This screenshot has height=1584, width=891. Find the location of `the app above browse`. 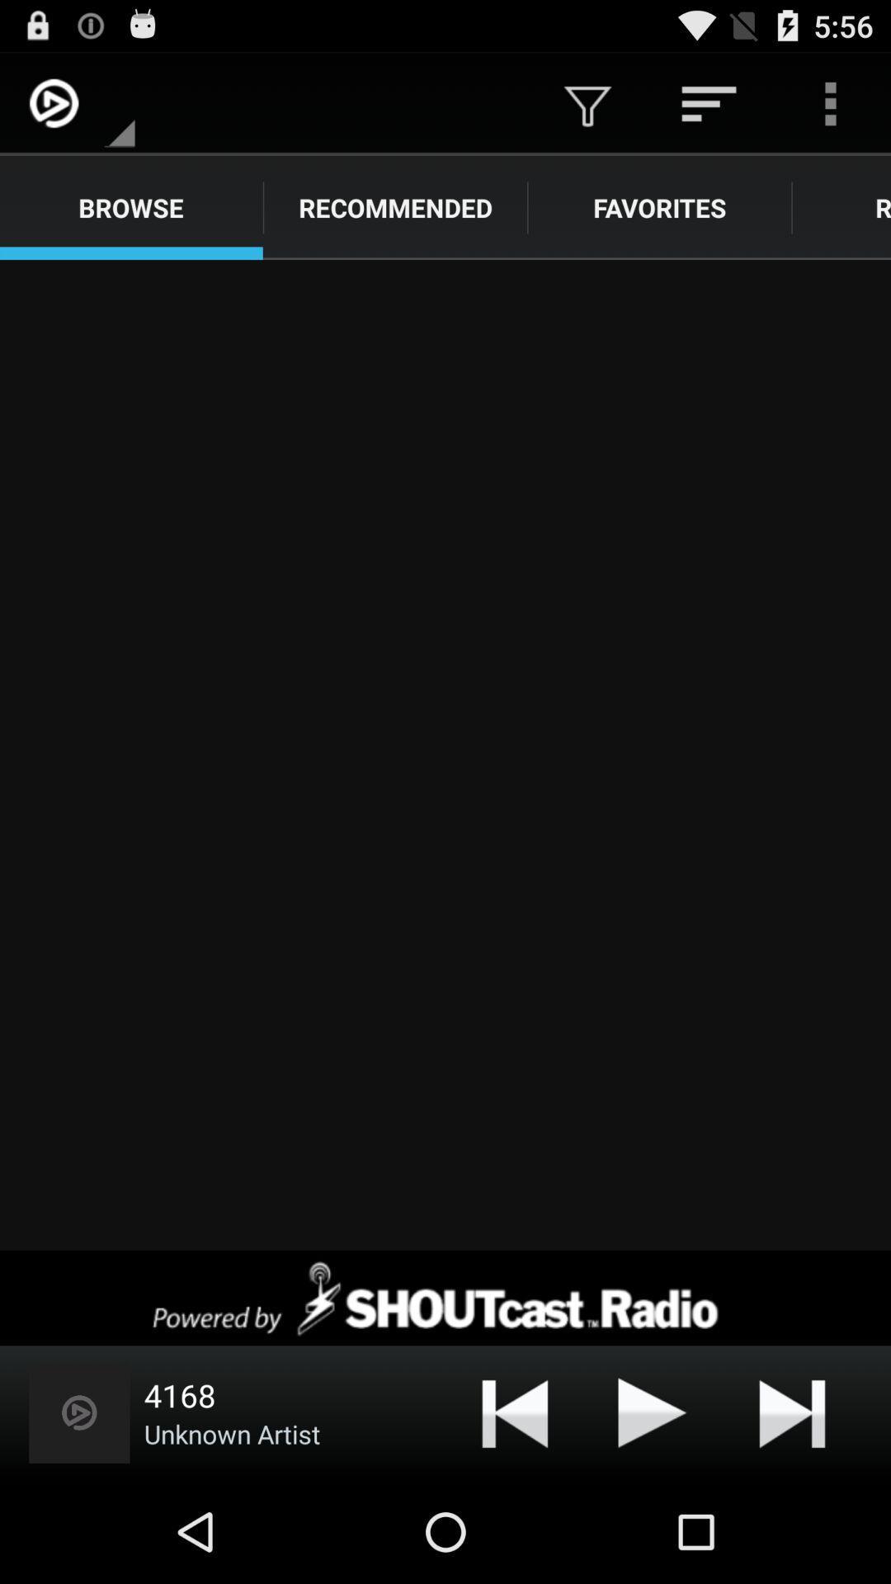

the app above browse is located at coordinates (119, 102).